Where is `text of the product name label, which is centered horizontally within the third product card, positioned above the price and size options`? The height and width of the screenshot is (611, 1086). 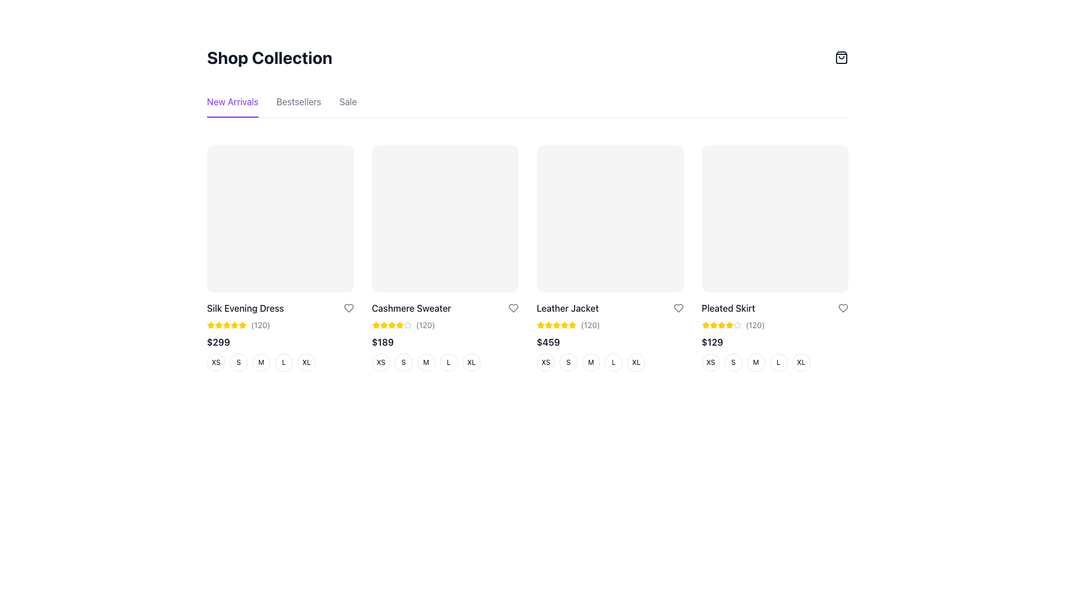 text of the product name label, which is centered horizontally within the third product card, positioned above the price and size options is located at coordinates (567, 308).